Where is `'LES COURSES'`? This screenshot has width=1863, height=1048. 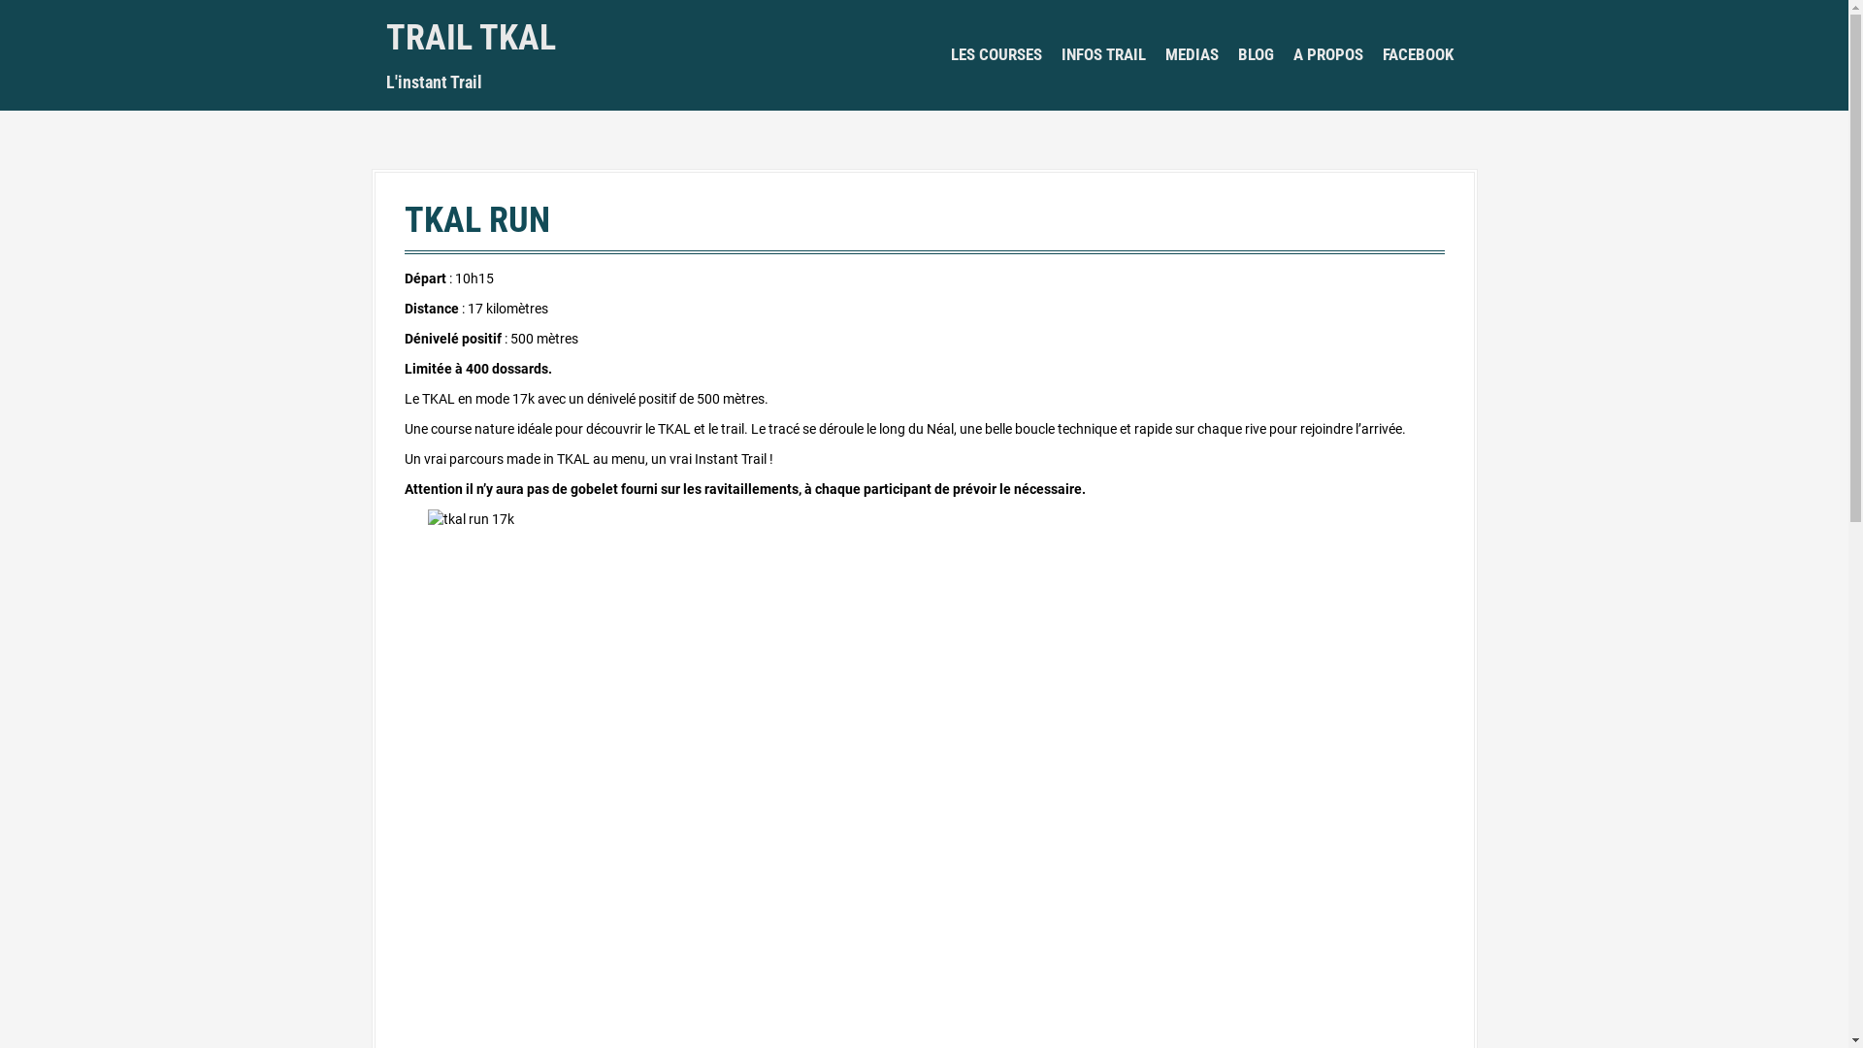 'LES COURSES' is located at coordinates (997, 54).